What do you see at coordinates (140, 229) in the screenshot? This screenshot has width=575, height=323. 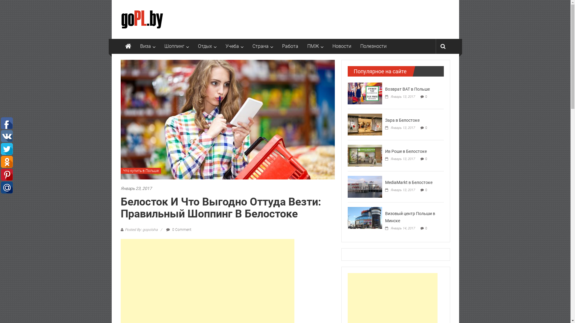 I see `'Posted By: gopolsha'` at bounding box center [140, 229].